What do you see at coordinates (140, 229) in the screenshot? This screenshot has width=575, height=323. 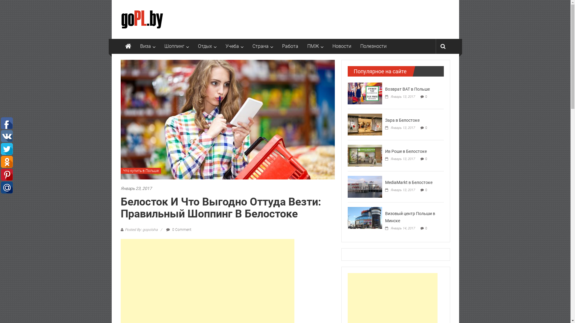 I see `'Posted By: gopolsha'` at bounding box center [140, 229].